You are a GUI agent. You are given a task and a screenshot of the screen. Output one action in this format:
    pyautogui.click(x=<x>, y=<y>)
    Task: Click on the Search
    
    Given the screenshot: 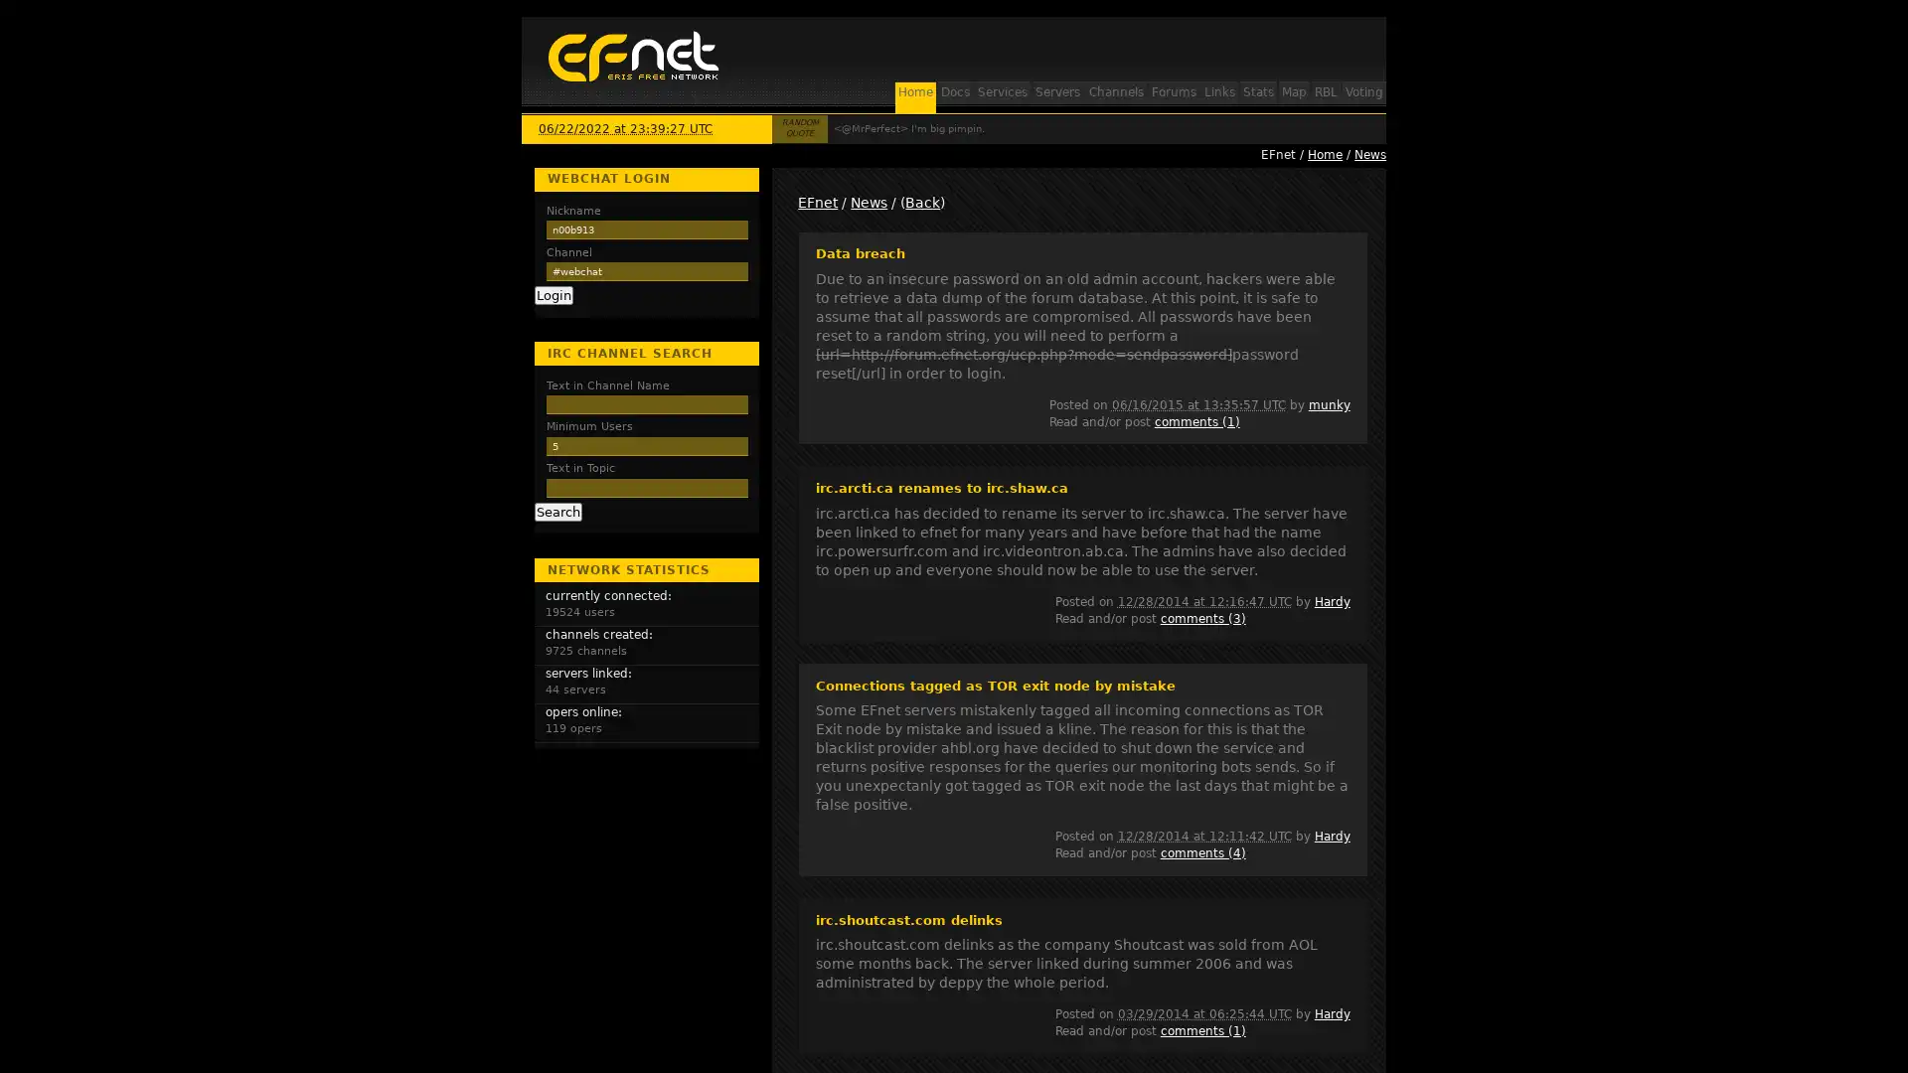 What is the action you would take?
    pyautogui.click(x=556, y=511)
    